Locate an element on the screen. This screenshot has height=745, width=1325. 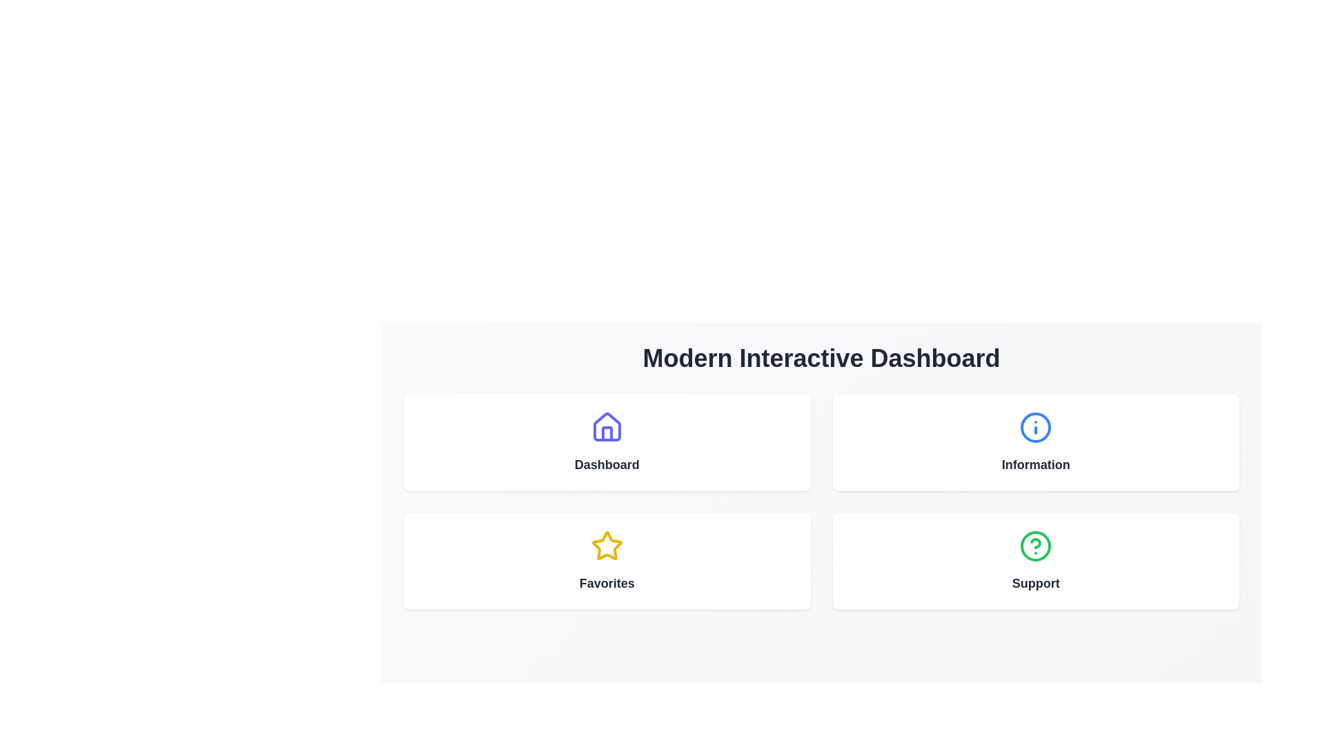
the 'Support' text label, which is styled with a larger font size and bold typography, located at the bottom of the bottom-right card in the interface is located at coordinates (1036, 583).